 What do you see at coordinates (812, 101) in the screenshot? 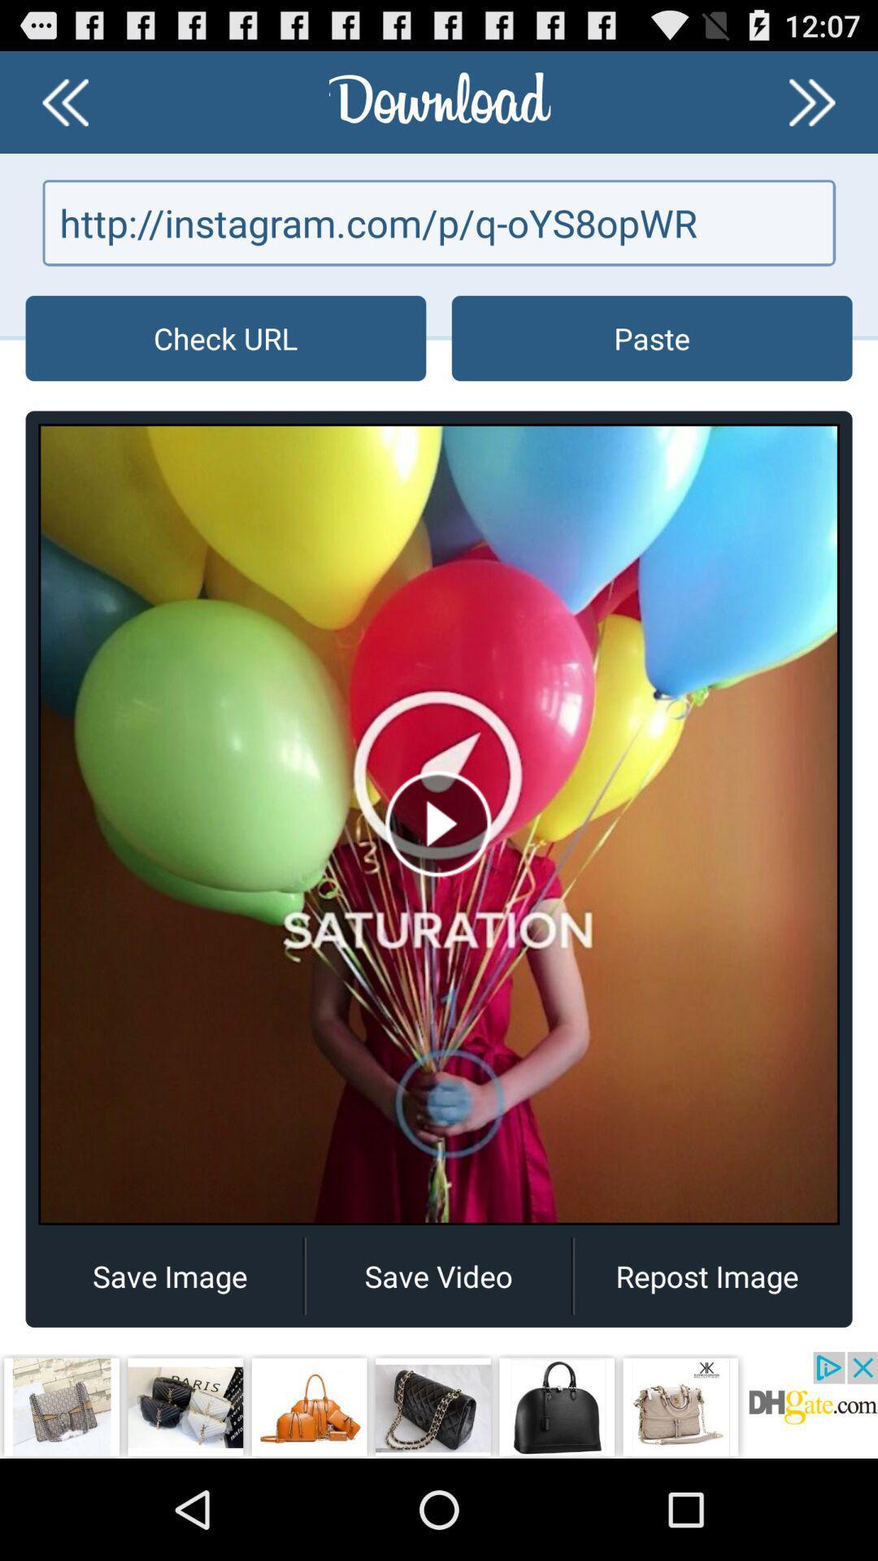
I see `next page` at bounding box center [812, 101].